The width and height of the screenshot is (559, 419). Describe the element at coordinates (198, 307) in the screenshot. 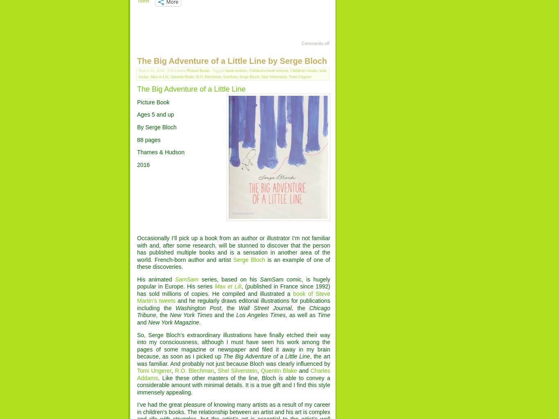

I see `'Washington Post'` at that location.